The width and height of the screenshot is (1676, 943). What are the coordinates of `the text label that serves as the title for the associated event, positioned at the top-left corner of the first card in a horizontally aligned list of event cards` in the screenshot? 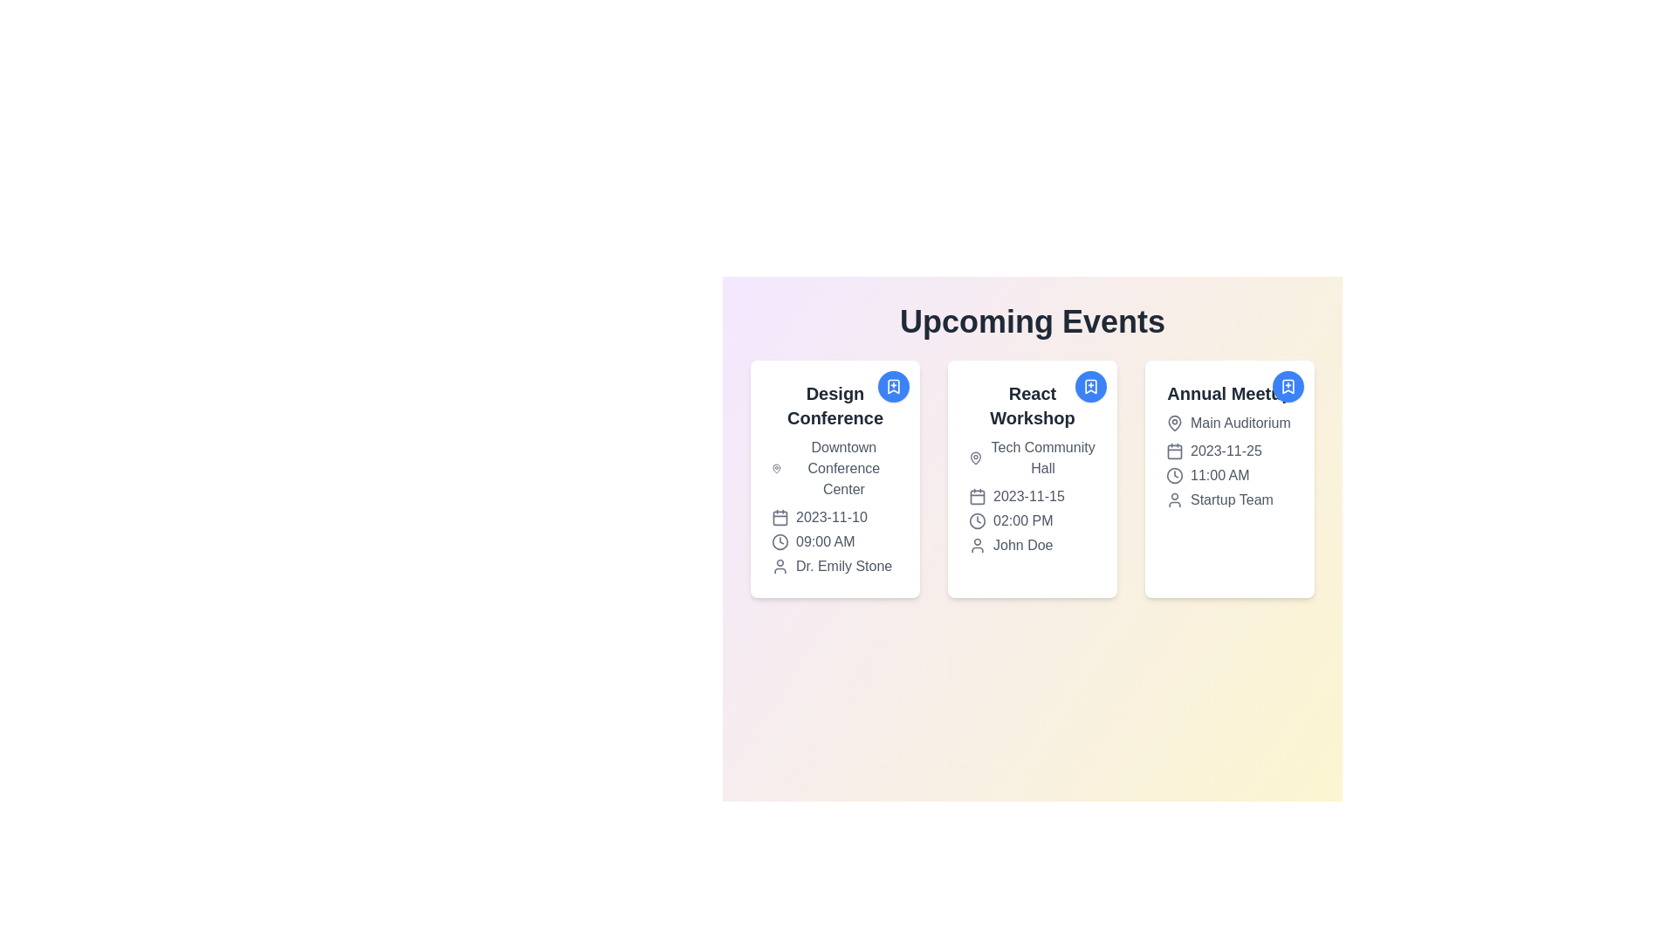 It's located at (834, 406).